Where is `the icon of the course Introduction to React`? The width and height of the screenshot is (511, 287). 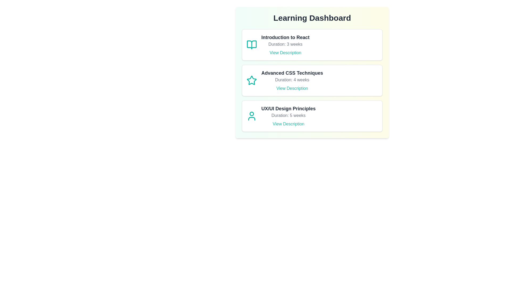
the icon of the course Introduction to React is located at coordinates (251, 45).